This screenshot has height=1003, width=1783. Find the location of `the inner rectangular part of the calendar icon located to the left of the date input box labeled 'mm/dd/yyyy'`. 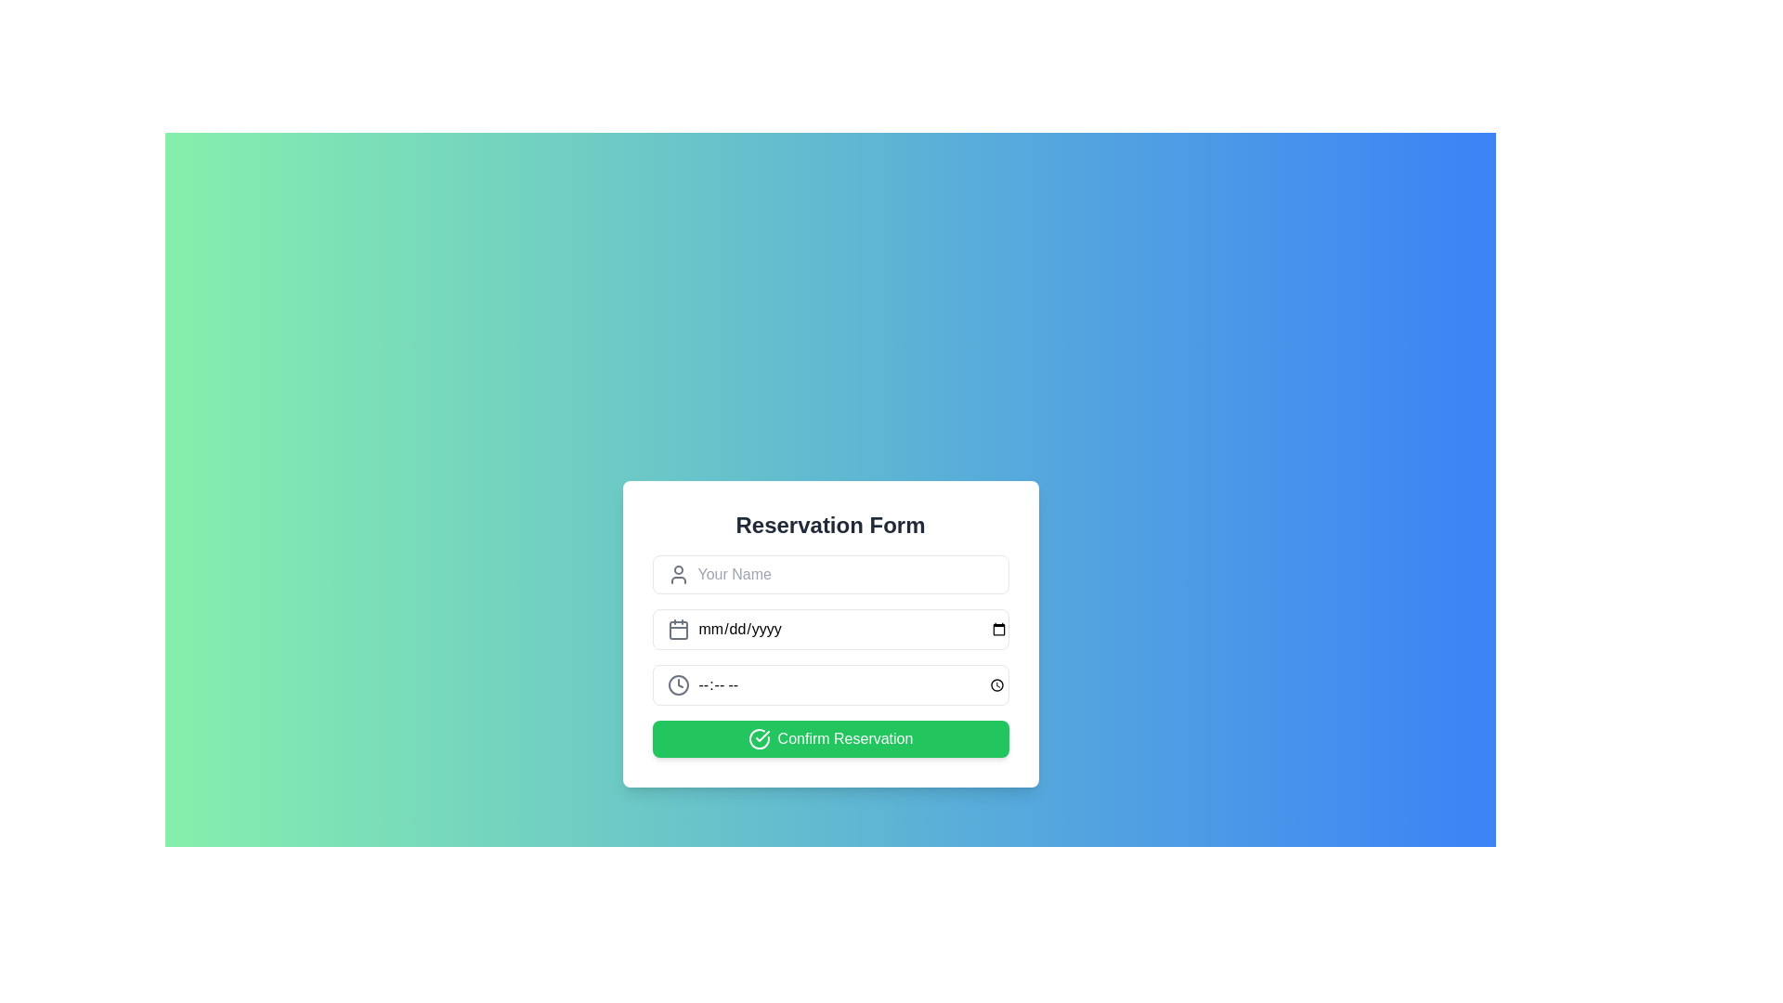

the inner rectangular part of the calendar icon located to the left of the date input box labeled 'mm/dd/yyyy' is located at coordinates (677, 629).